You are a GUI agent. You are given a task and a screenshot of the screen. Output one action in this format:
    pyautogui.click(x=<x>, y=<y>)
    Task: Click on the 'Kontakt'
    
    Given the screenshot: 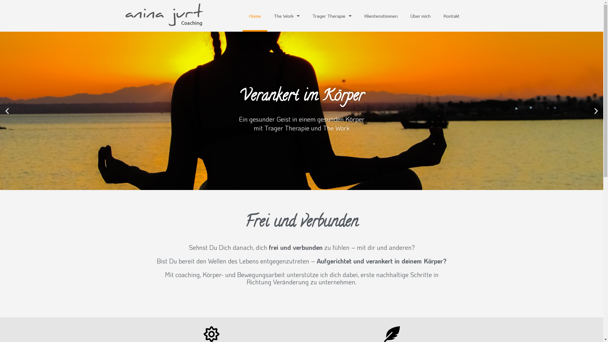 What is the action you would take?
    pyautogui.click(x=451, y=16)
    